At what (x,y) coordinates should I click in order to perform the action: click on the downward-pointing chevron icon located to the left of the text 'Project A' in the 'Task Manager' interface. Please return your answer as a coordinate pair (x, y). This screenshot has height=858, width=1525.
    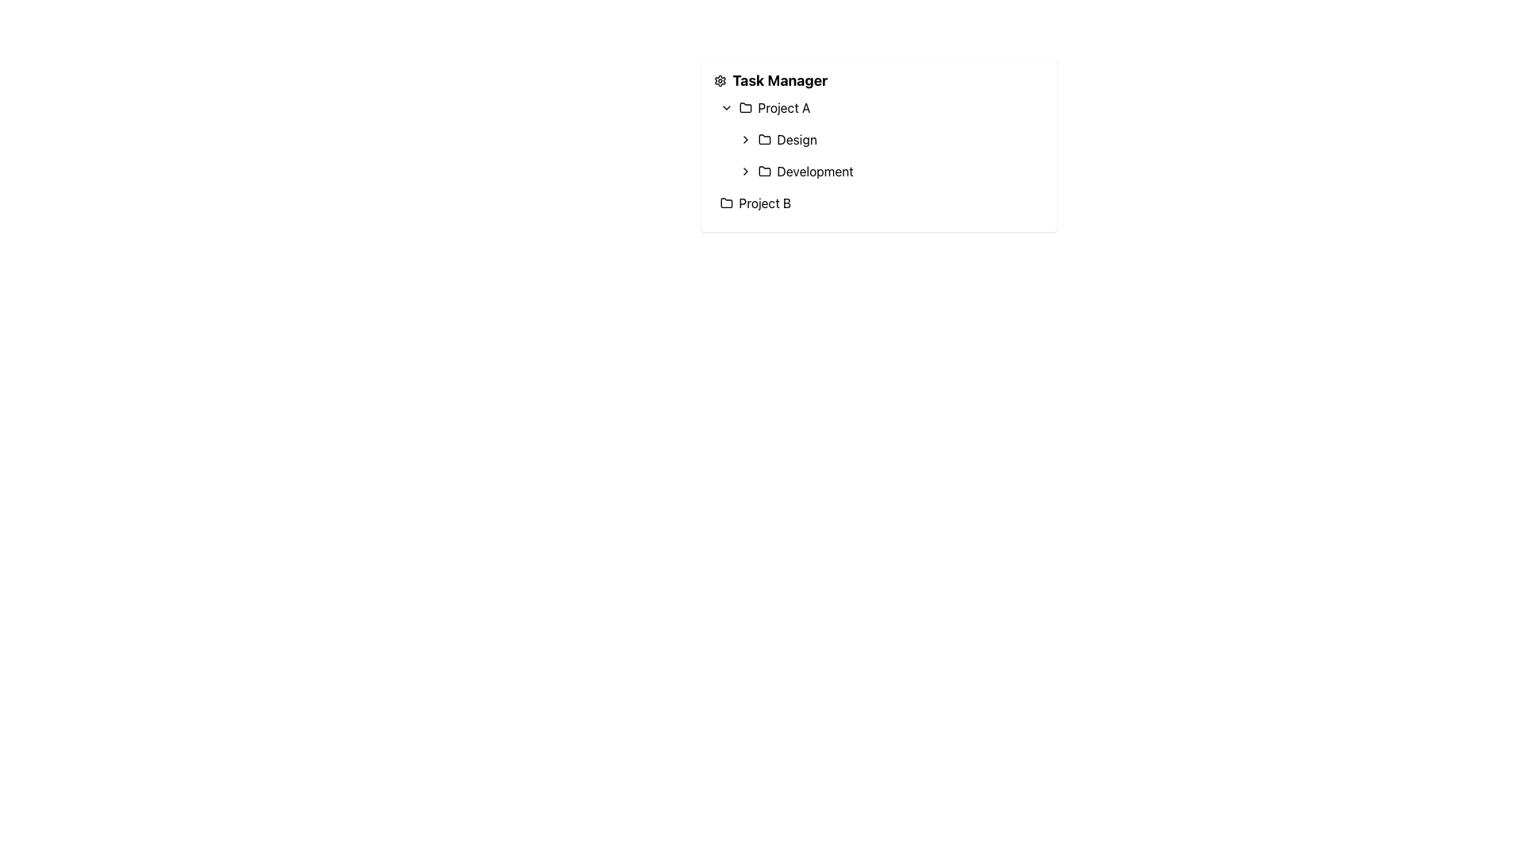
    Looking at the image, I should click on (725, 107).